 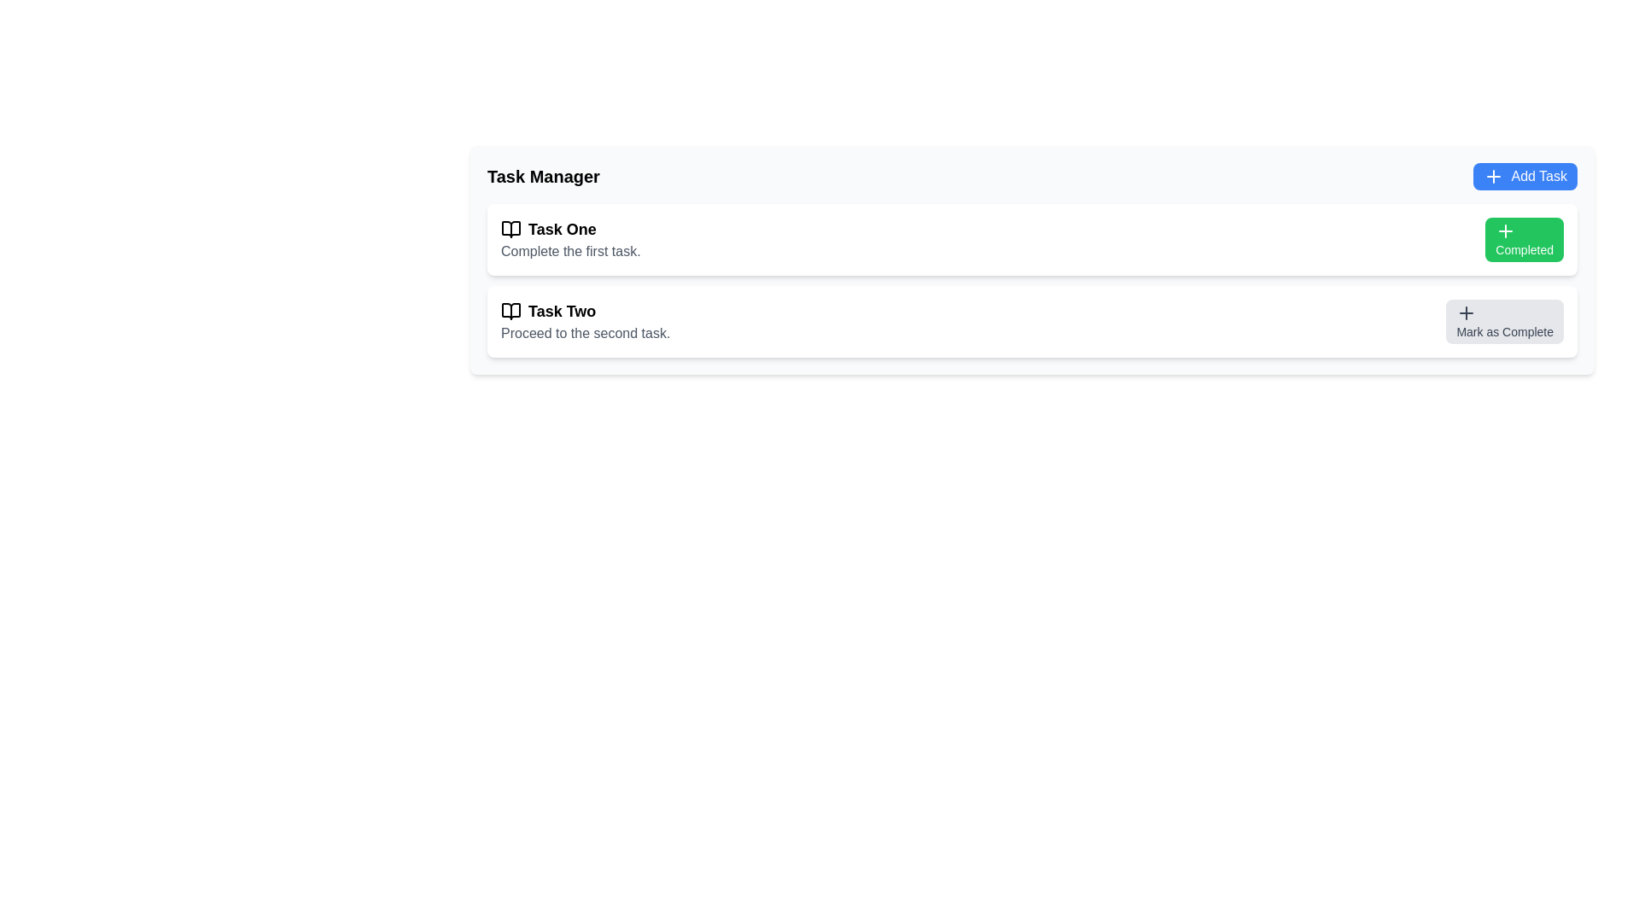 I want to click on the plus icon located within the 'Mark as Complete' button, so click(x=1466, y=312).